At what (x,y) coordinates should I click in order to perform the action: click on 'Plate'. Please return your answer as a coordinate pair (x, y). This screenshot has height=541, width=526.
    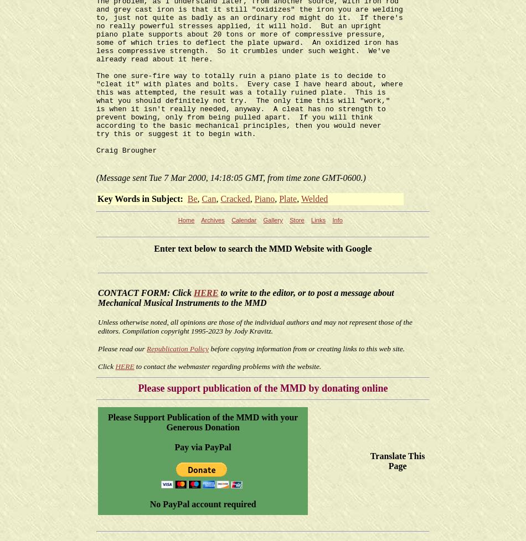
    Looking at the image, I should click on (288, 198).